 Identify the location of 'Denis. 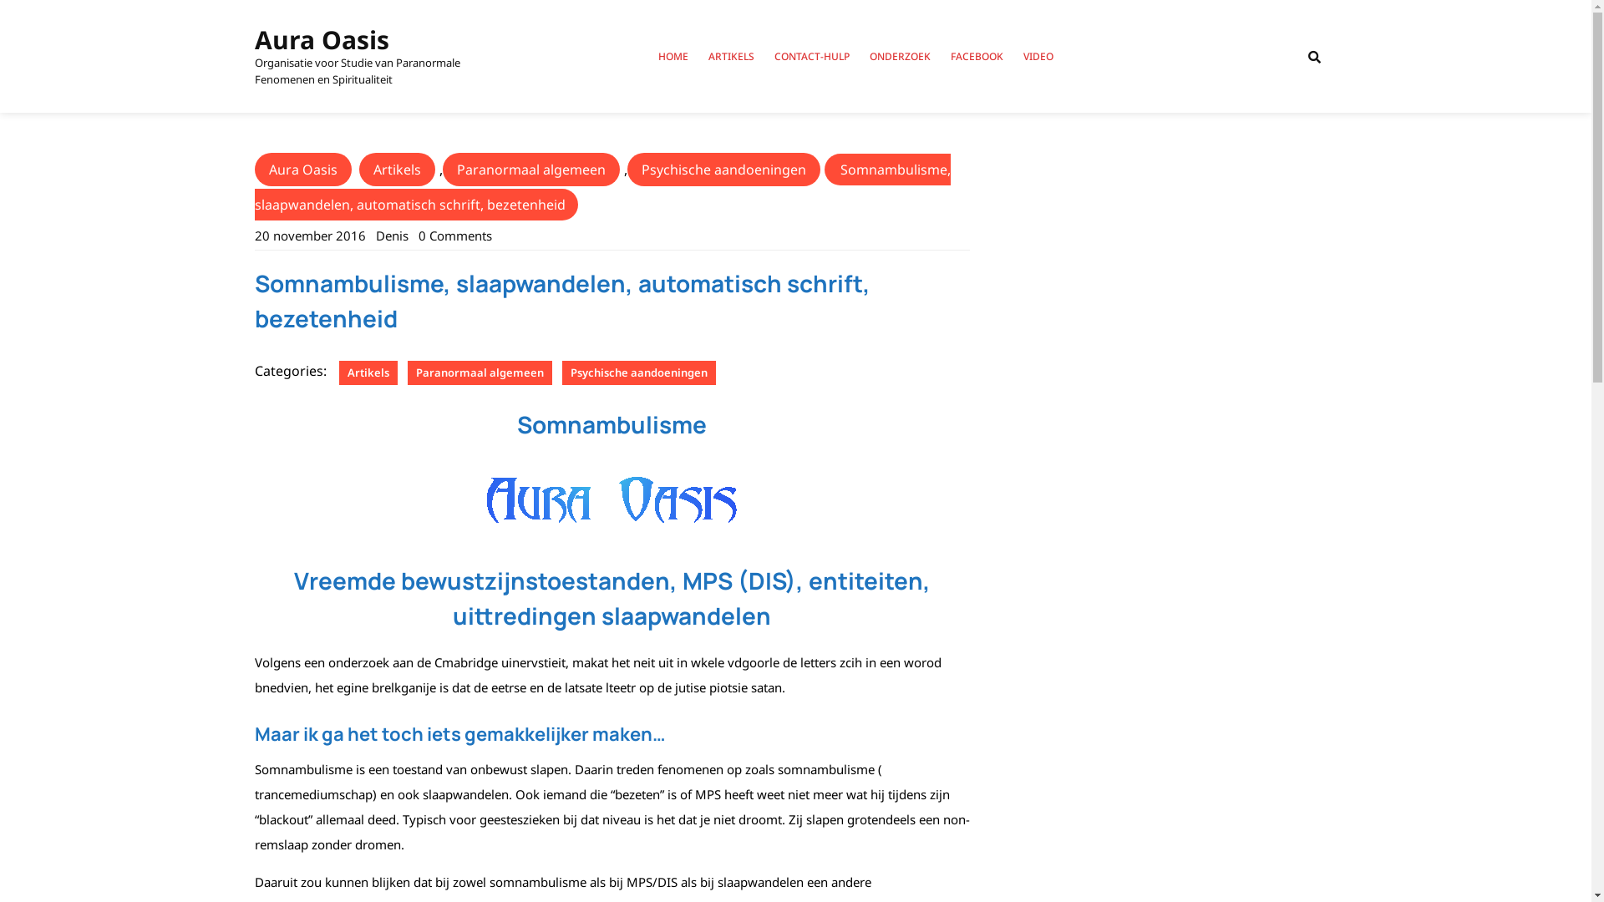
(391, 235).